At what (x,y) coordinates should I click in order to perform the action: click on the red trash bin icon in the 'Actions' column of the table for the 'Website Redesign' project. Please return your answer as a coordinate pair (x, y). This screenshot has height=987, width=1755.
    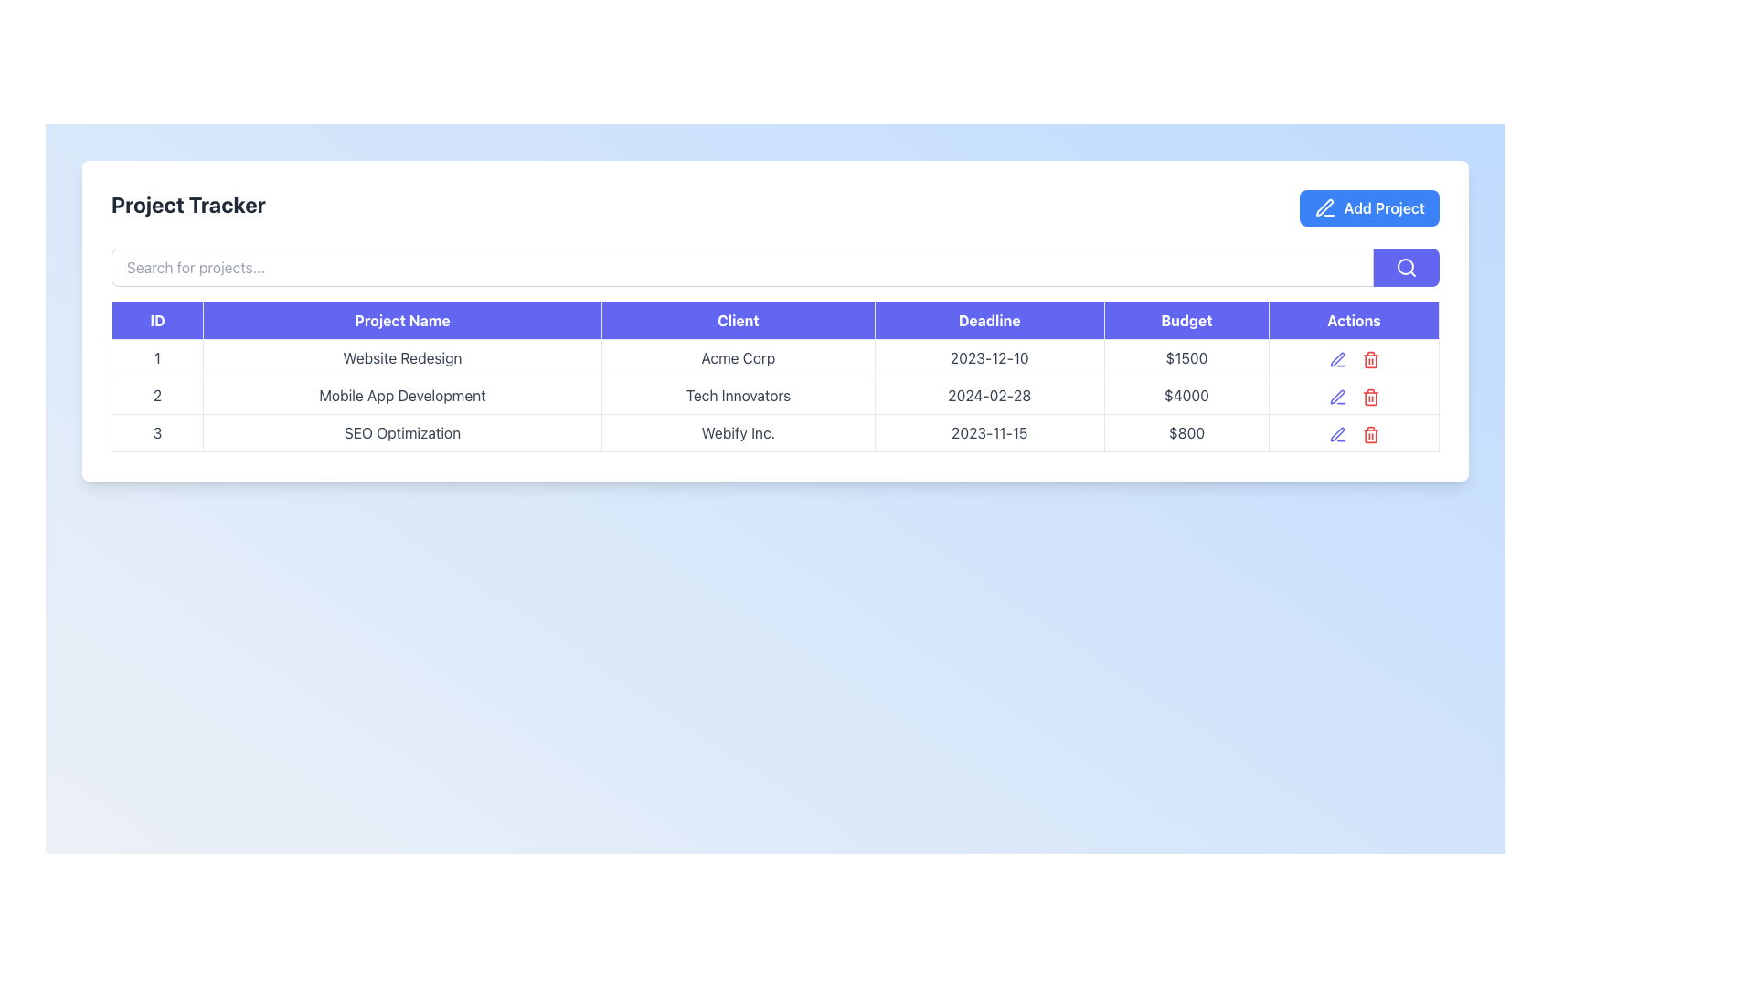
    Looking at the image, I should click on (1370, 359).